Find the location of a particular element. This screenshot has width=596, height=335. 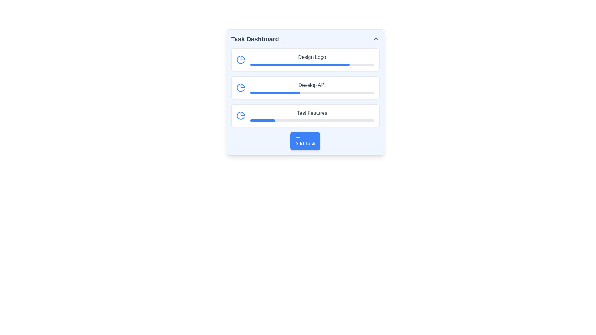

the task progress indicator labeled 'Design Logo' which shows 80% progress is located at coordinates (312, 60).